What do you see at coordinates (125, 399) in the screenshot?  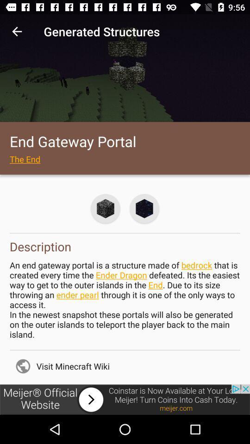 I see `share the article` at bounding box center [125, 399].